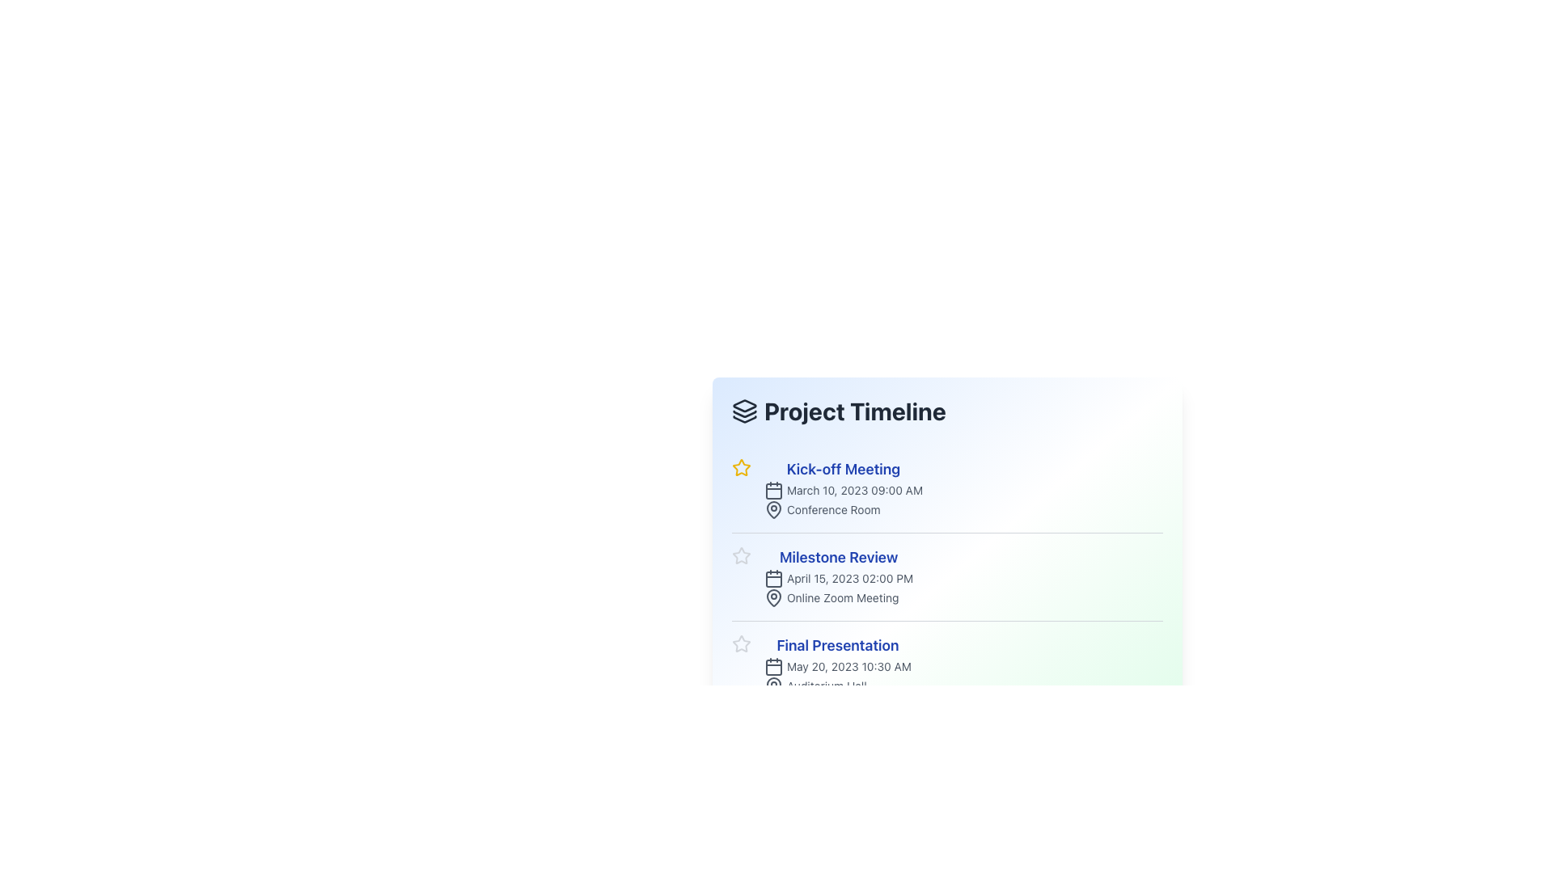 The height and width of the screenshot is (873, 1553). I want to click on the location descriptor element associated with the 'Final Presentation' event, which is visually represented by an icon and text label, positioned below the event time in the 'Project Timeline' interface, so click(838, 685).